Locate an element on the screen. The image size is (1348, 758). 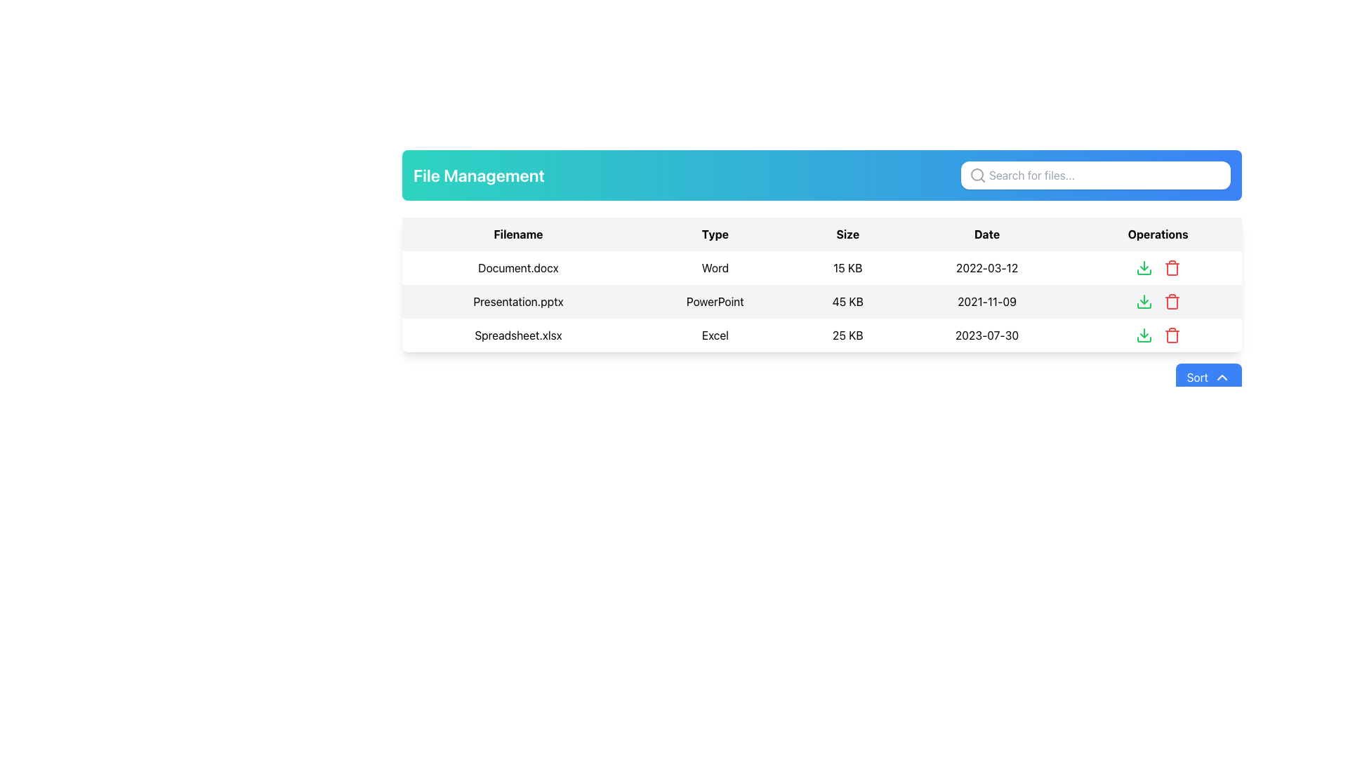
the text element displaying the date '2023-07-30' in the 'Date' column of the 'Spreadsheet.xlsx' file management table is located at coordinates (986, 335).